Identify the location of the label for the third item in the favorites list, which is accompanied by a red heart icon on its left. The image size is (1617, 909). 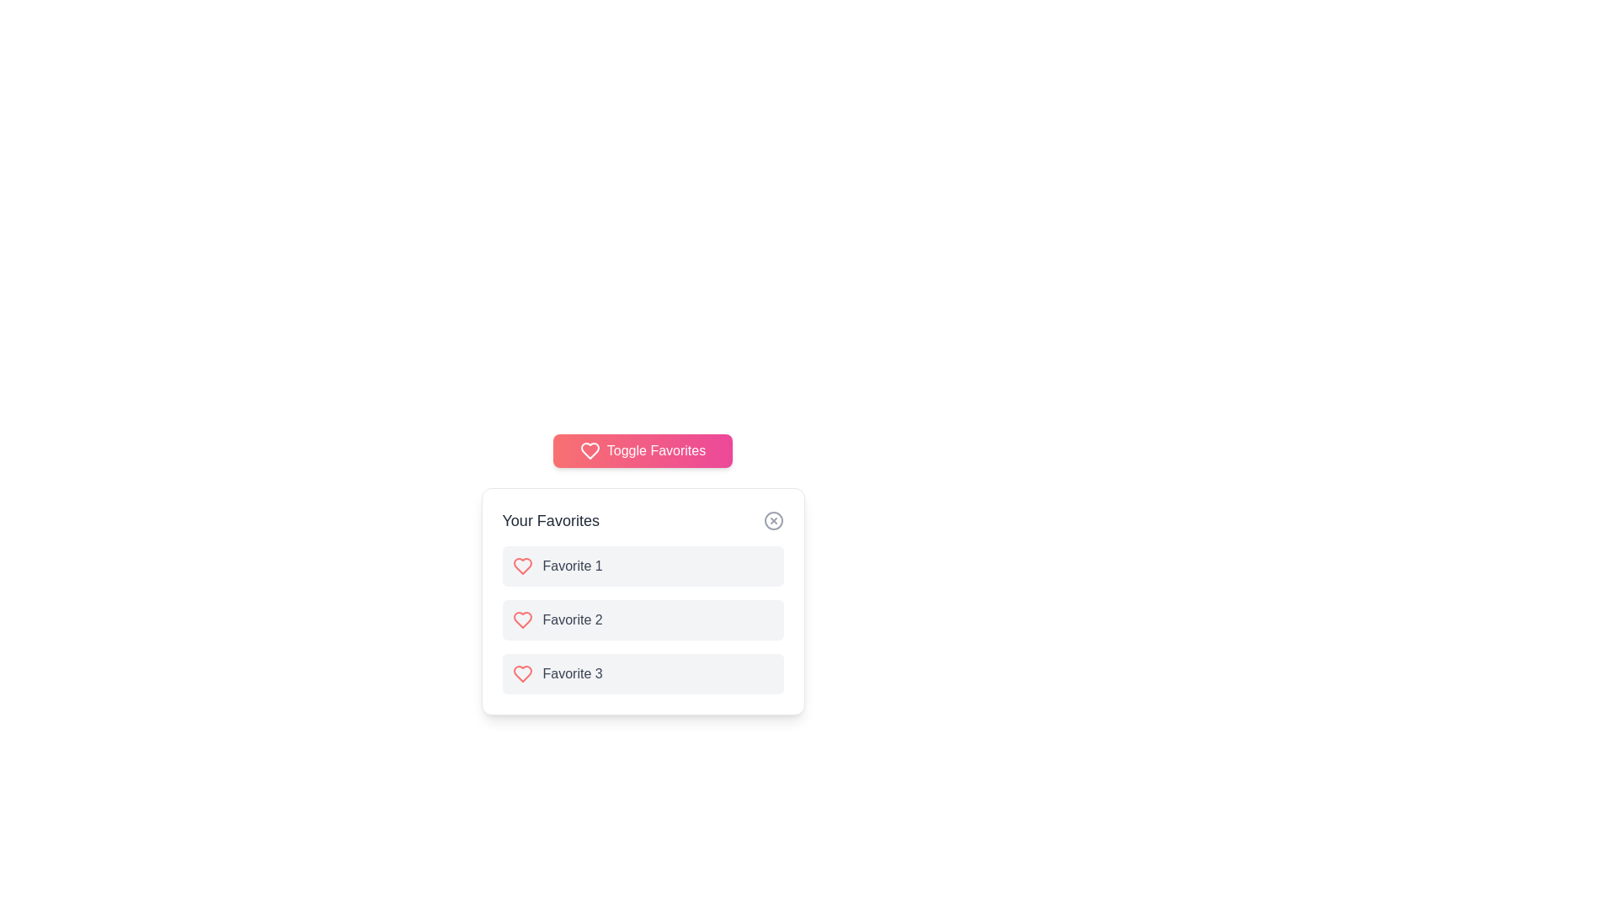
(573, 673).